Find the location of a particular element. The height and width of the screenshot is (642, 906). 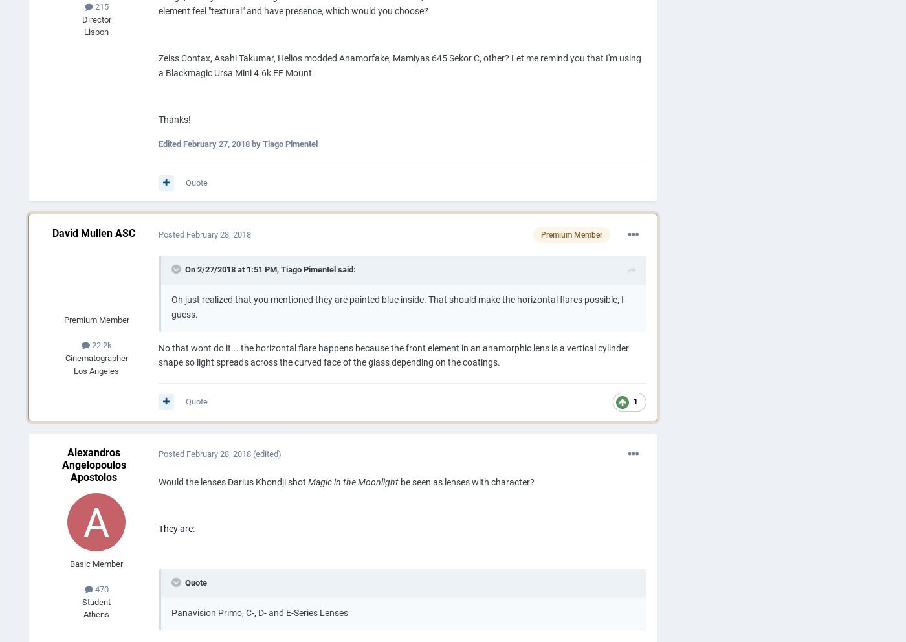

'Panavision Primo, C-, D- and E-Series Lenses' is located at coordinates (260, 612).